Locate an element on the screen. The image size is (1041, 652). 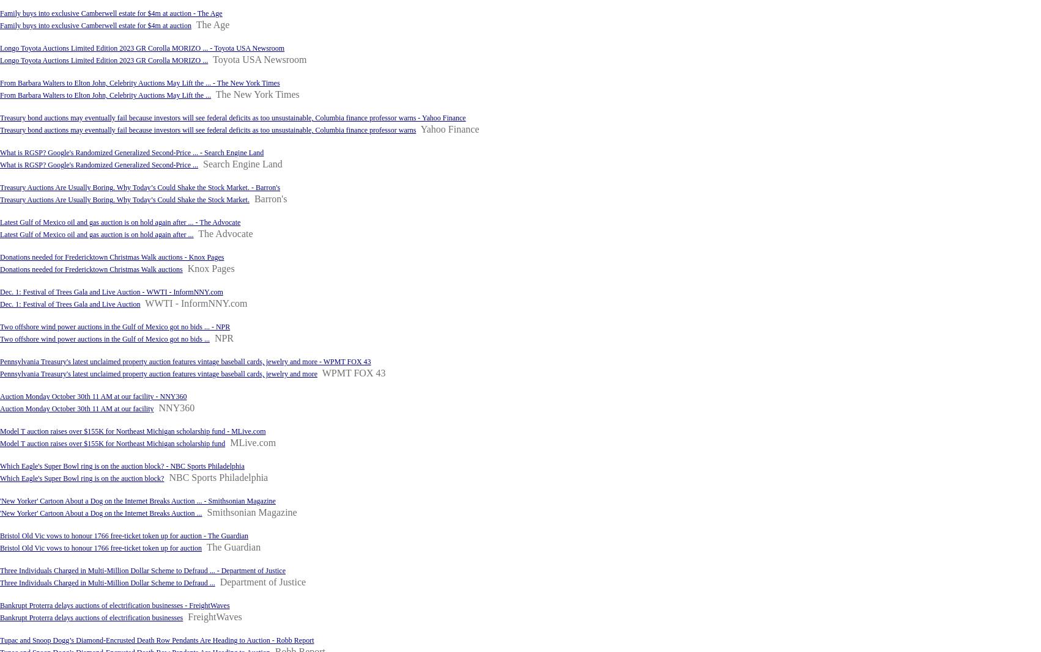
'Which Eagle's Super Bowl ring is on the auction block? - NBC Sports Philadelphia' is located at coordinates (0, 466).